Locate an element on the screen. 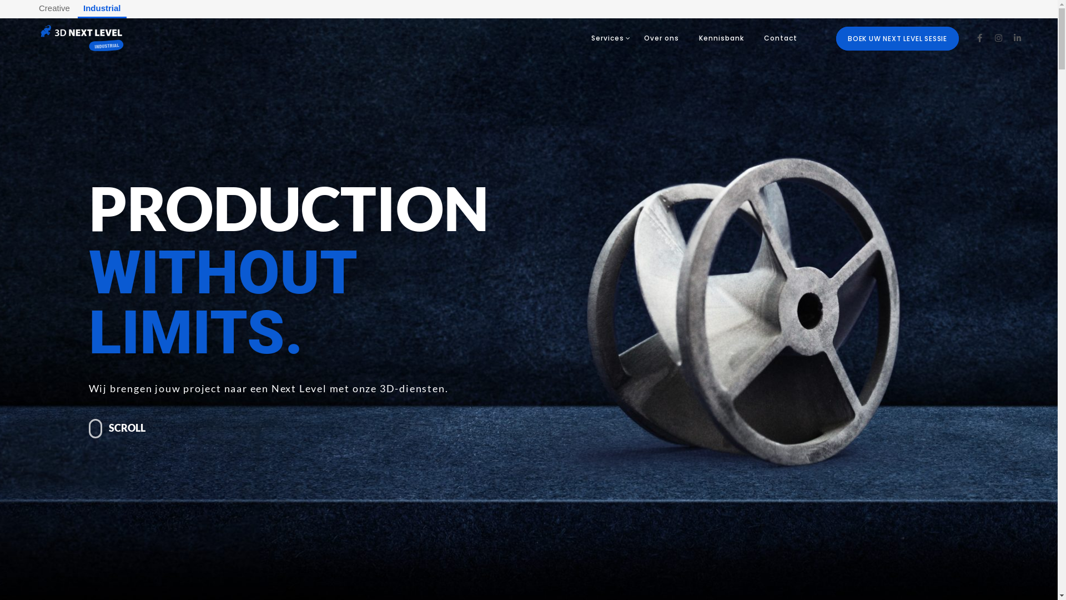 This screenshot has height=600, width=1066. 'Services' is located at coordinates (580, 37).